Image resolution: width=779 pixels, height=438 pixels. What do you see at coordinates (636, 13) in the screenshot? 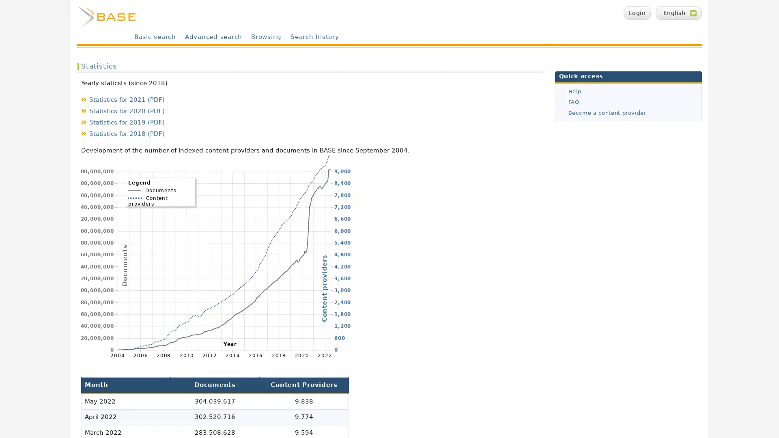
I see `Login` at bounding box center [636, 13].